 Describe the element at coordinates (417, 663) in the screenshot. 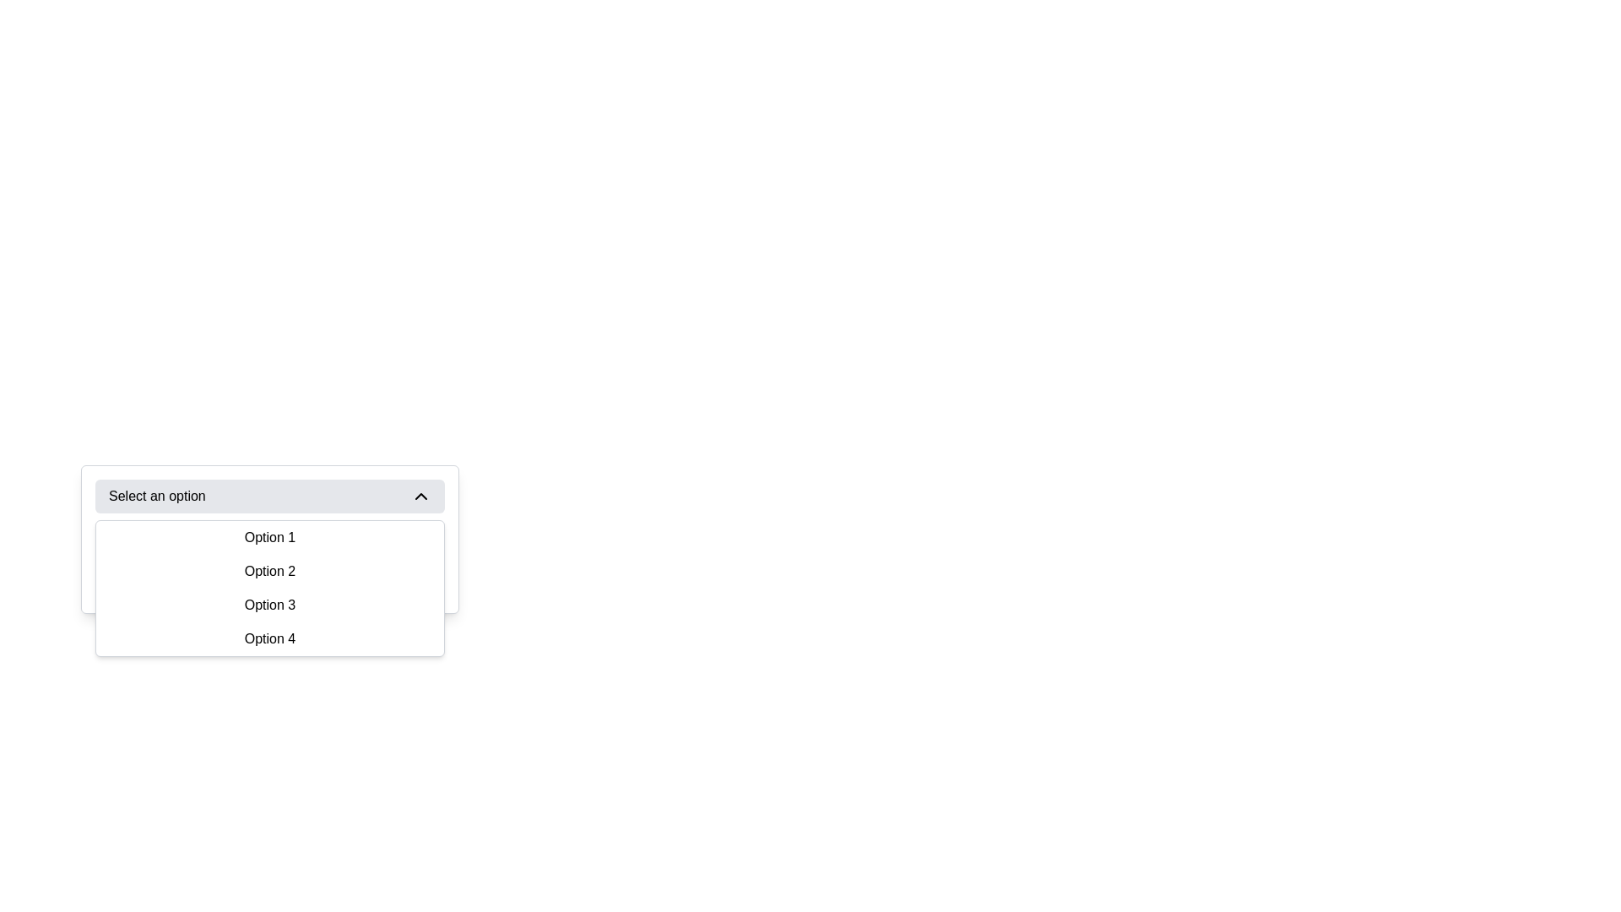

I see `an option from the dropdown menu in the modal by clicking on it` at that location.